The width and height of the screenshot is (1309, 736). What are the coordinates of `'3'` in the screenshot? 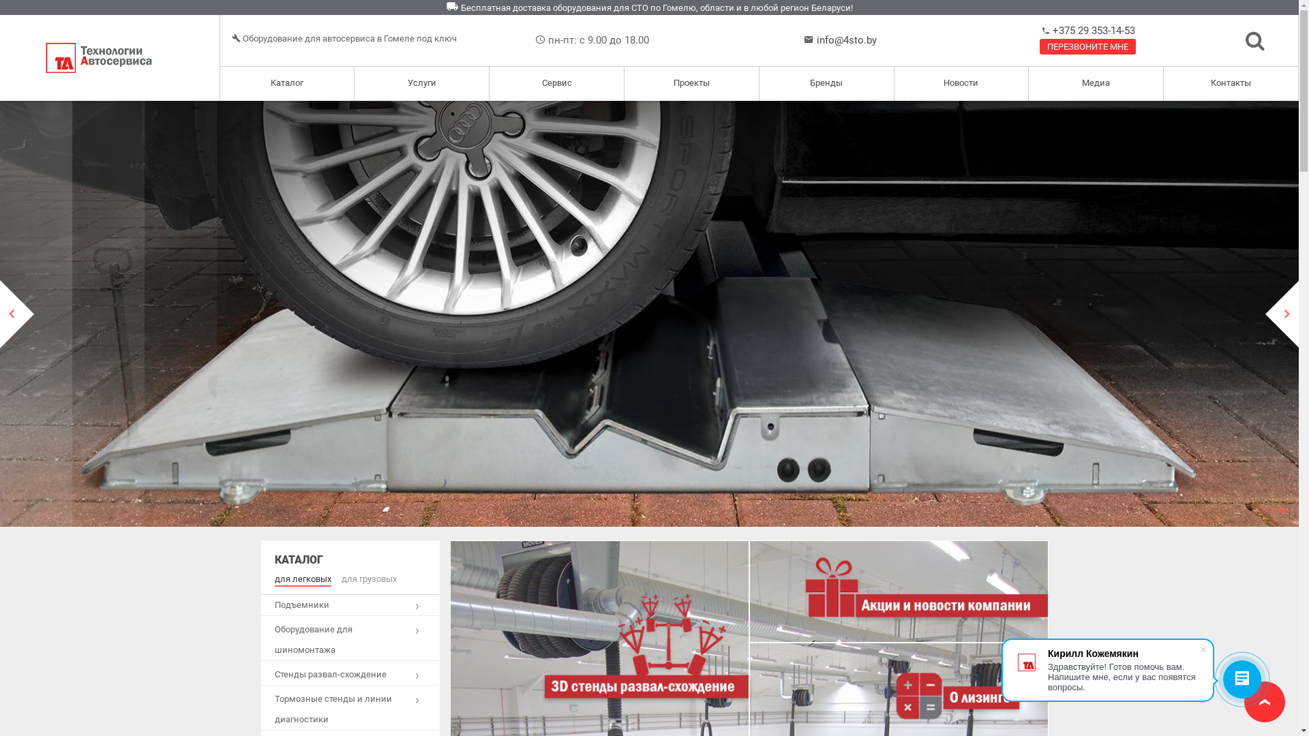 It's located at (1272, 510).